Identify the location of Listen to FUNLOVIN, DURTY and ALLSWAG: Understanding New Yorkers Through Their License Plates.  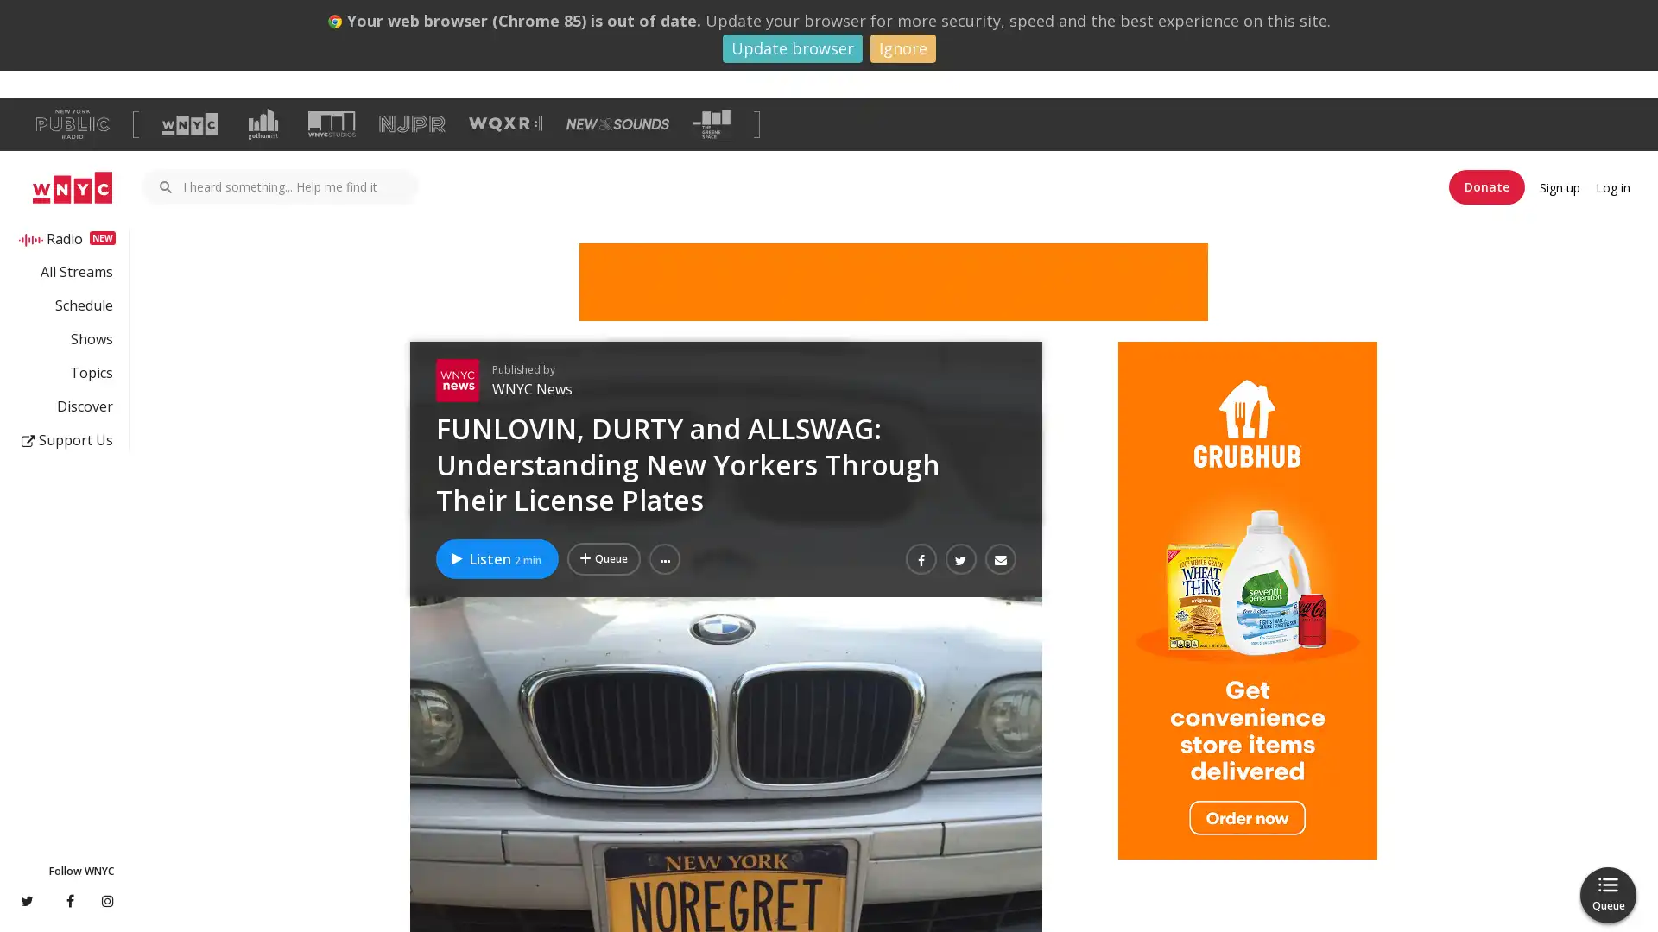
(497, 558).